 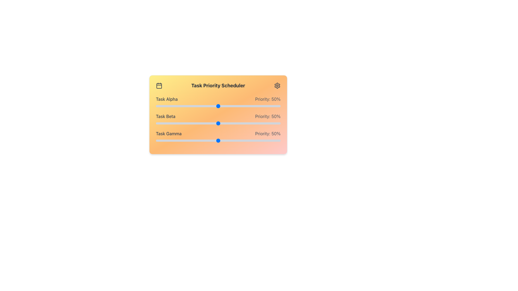 What do you see at coordinates (229, 106) in the screenshot?
I see `task priority` at bounding box center [229, 106].